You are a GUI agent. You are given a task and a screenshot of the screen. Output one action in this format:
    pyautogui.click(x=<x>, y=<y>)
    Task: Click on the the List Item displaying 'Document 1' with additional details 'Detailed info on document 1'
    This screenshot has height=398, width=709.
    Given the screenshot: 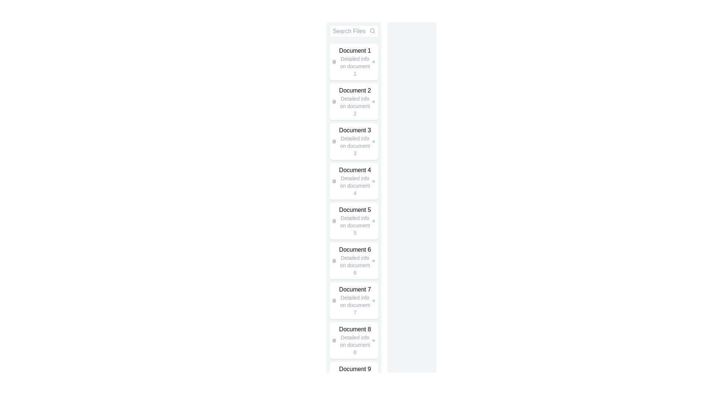 What is the action you would take?
    pyautogui.click(x=355, y=62)
    